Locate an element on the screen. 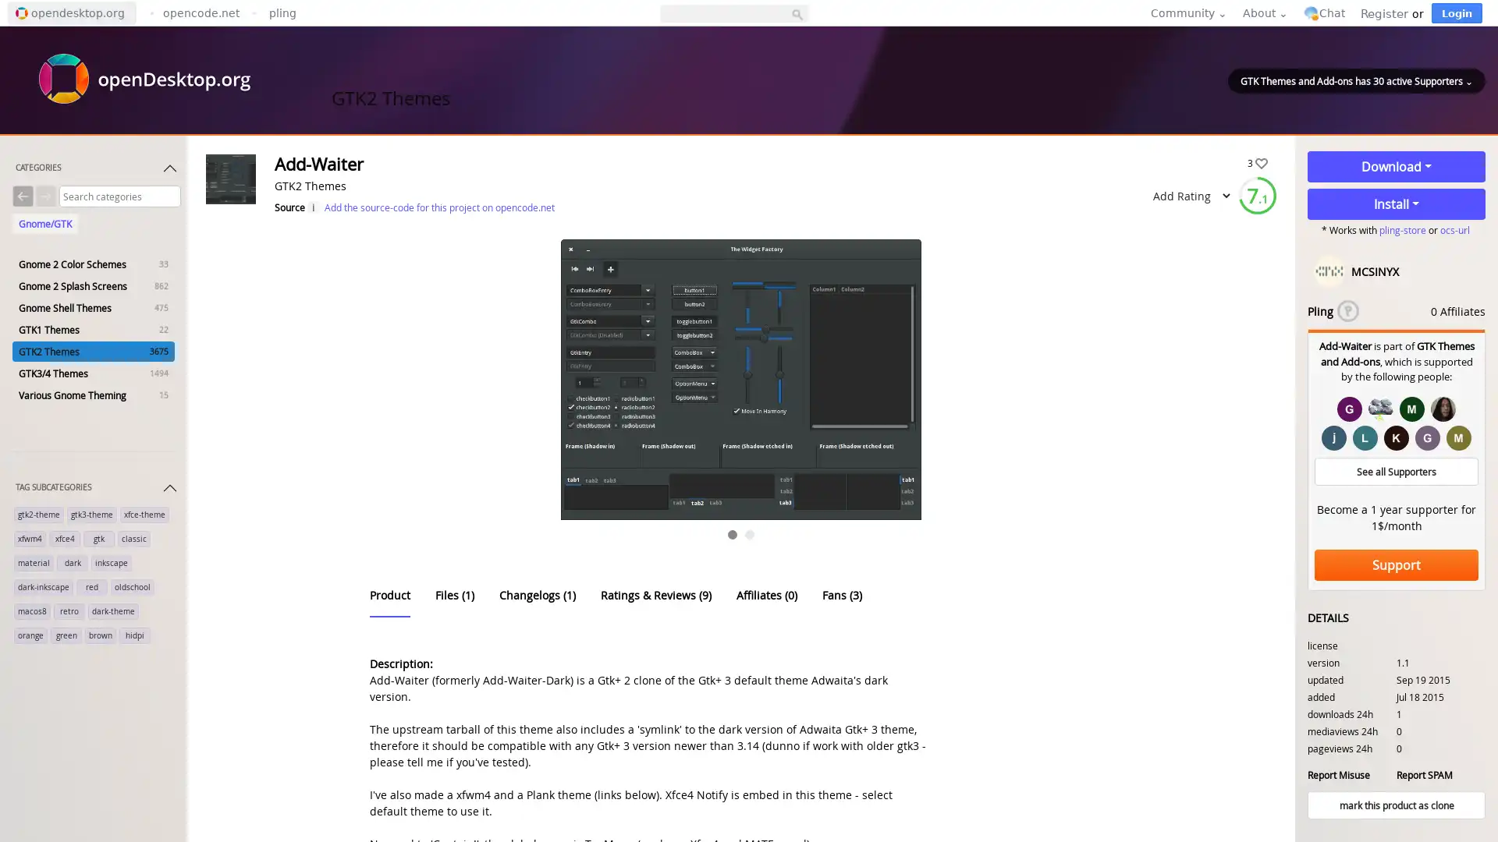  TAG SUBCATEGORIES is located at coordinates (96, 490).